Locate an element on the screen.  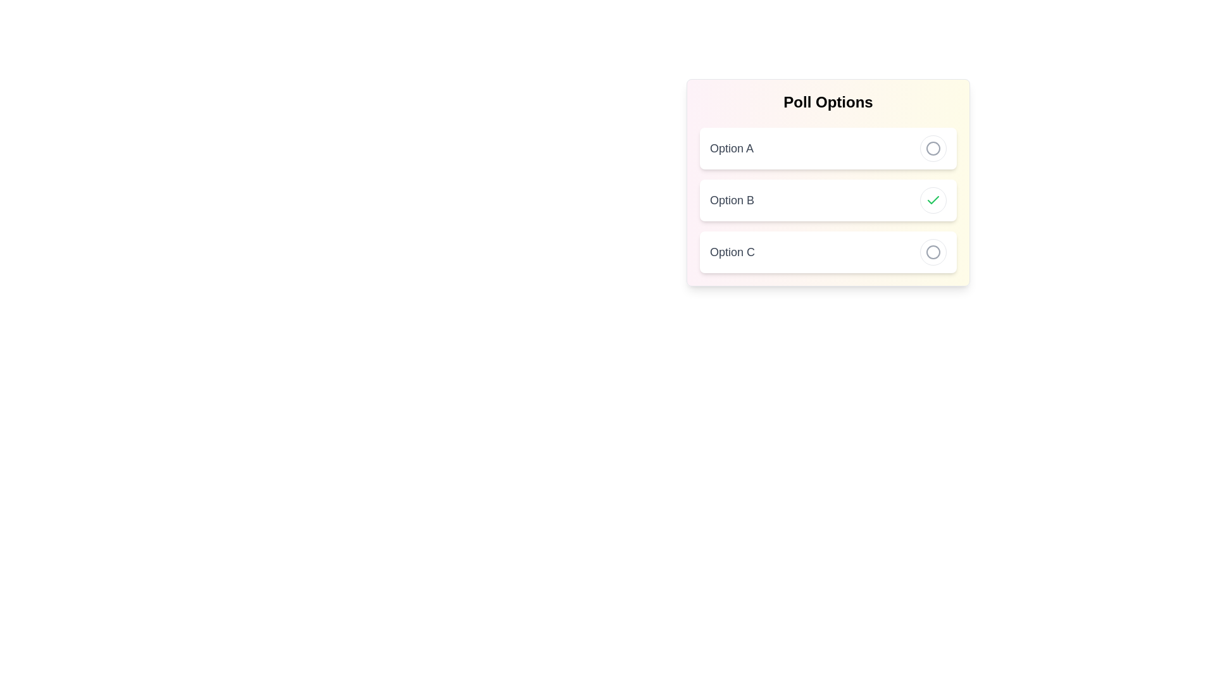
the toggle button of Option C to toggle its selection is located at coordinates (933, 252).